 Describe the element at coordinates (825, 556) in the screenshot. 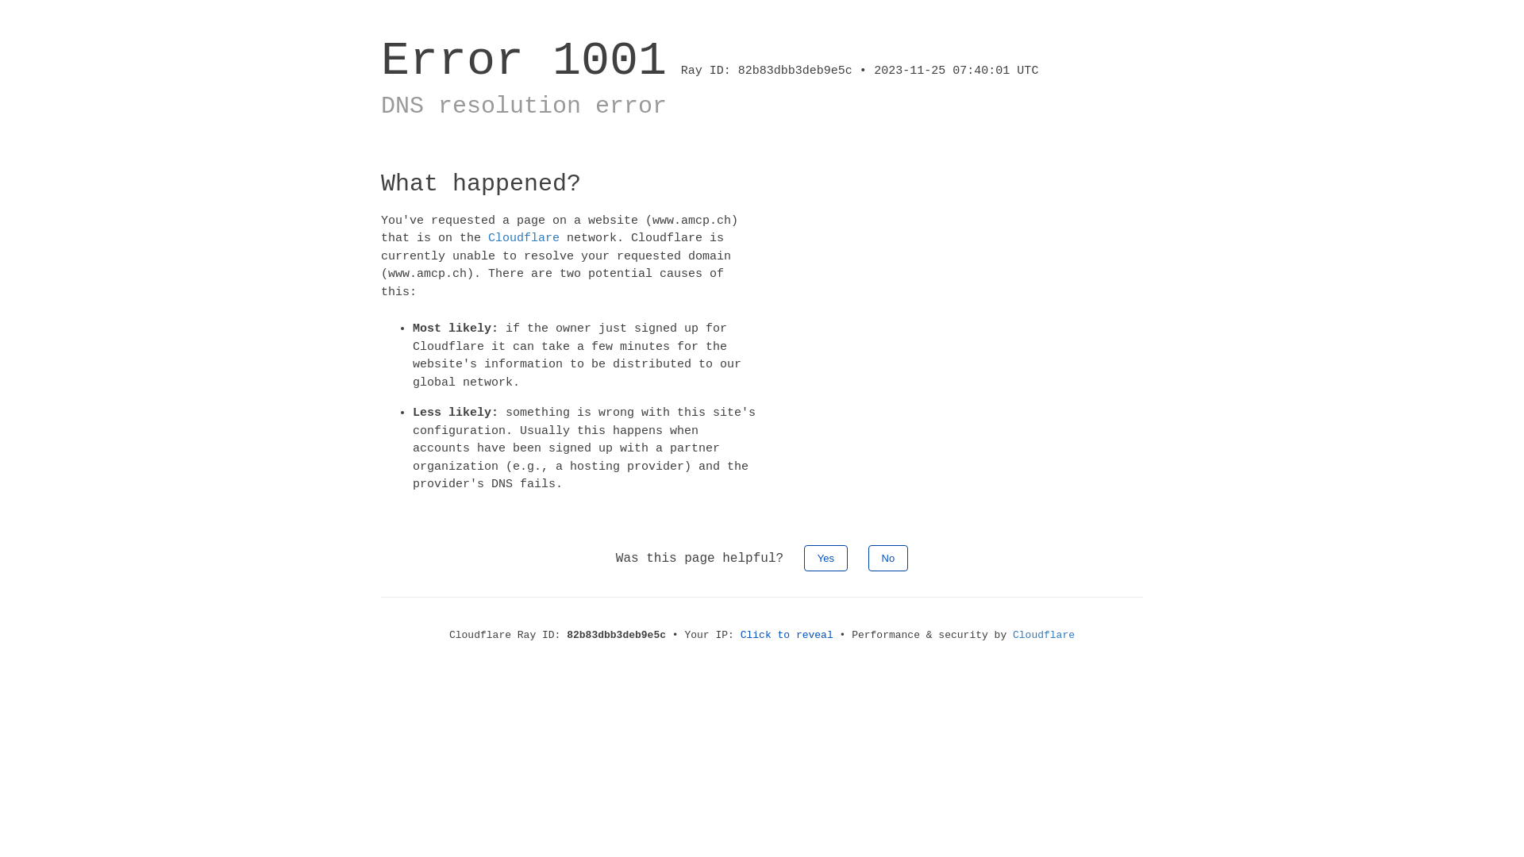

I see `'Yes'` at that location.